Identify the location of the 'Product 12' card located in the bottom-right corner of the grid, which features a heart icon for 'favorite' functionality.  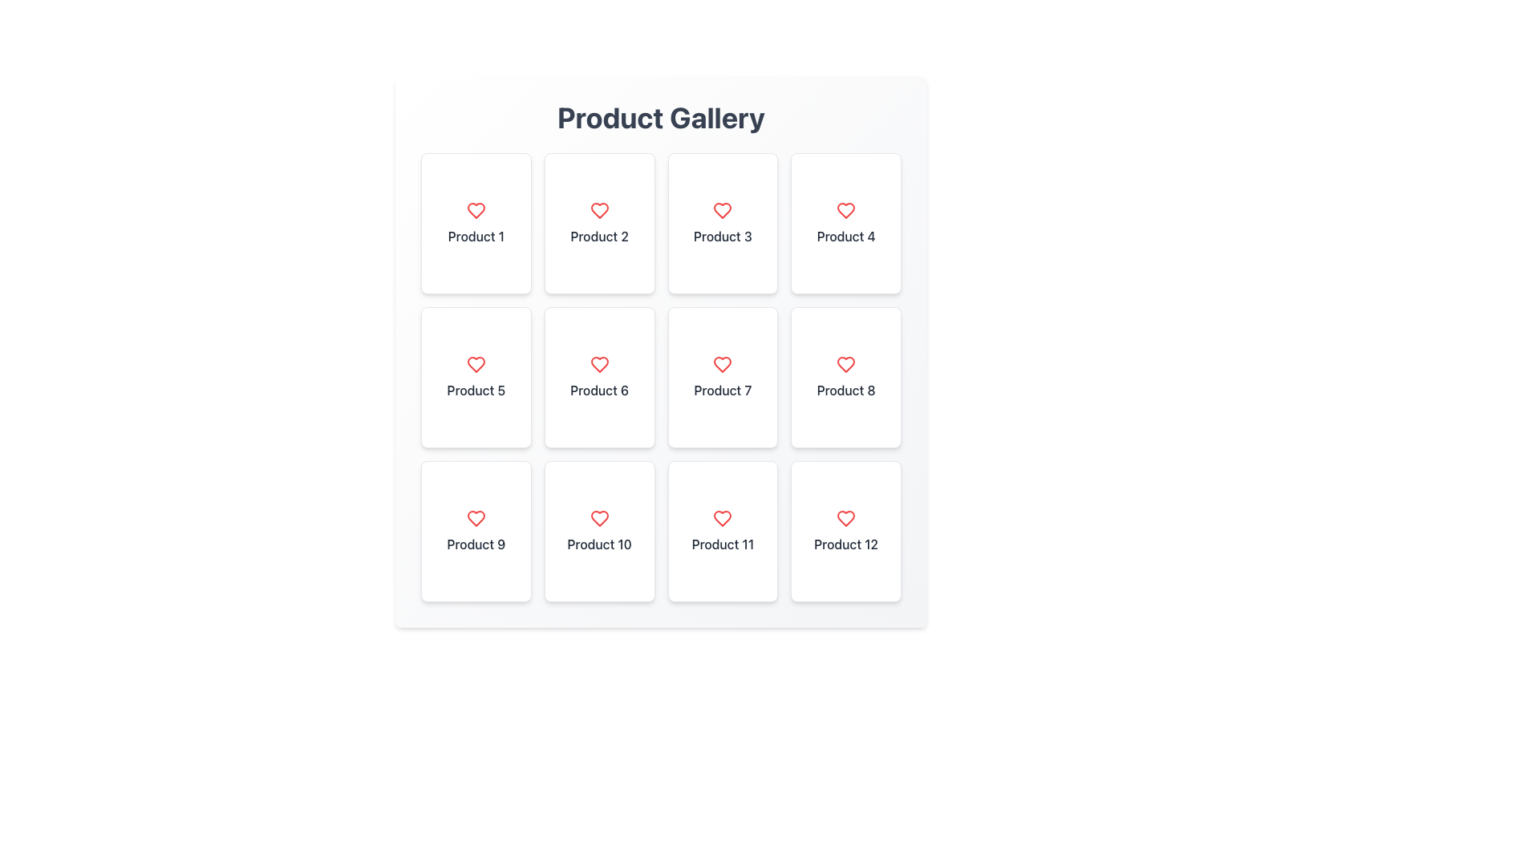
(845, 532).